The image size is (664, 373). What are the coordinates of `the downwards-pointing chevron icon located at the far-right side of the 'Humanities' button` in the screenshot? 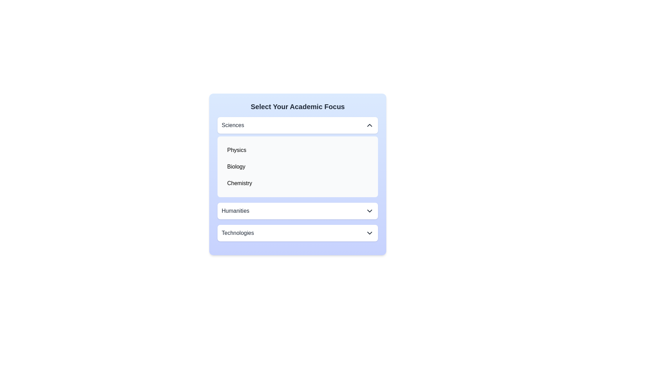 It's located at (369, 210).